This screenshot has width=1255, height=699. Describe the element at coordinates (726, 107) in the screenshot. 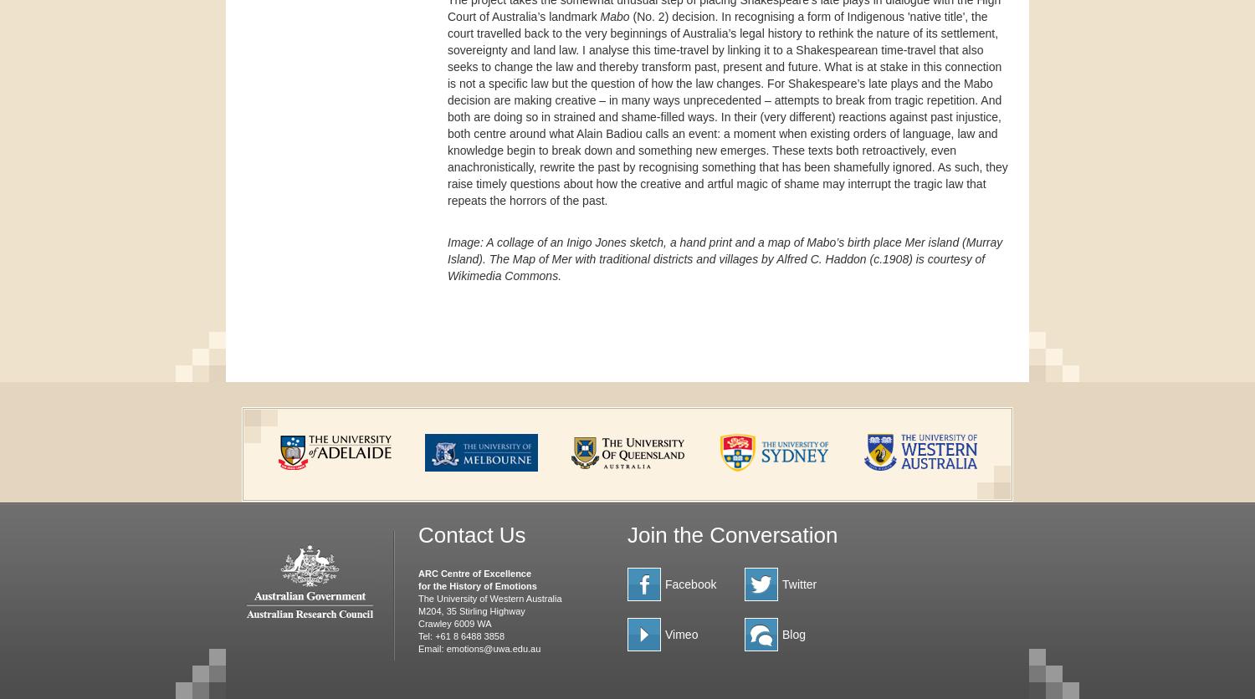

I see `'(No. 2) decision. In recognising a form of Indigenous 'native title', the court travelled back to the very beginnings of Australia’s legal history to rethink the nature of its settlement, sovereignty and land law. I analyse this time-travel by linking it to a Shakespearean time-travel that also seeks to change the law and thereby transform past, present and future. What is at stake in this connection is not a specific law but the question of how the law changes. For Shakespeare’s late plays and the Mabo decision are making creative – in many ways unprecedented – attempts to break from tragic repetition. And both are doing so in strained and shame-filled ways. In their (very different) reactions against past injustice, both centre around what Alain Badiou calls an event: a moment when existing orders of language, law and knowledge begin to break down and something new emerges. These texts both retroactively, even anachronistically, rewrite the past by recognising something that has been shamefully ignored. As such, they raise timely questions about how the creative and artful magic of shame may interrupt the tragic law that repeats the horrors of the past.'` at that location.